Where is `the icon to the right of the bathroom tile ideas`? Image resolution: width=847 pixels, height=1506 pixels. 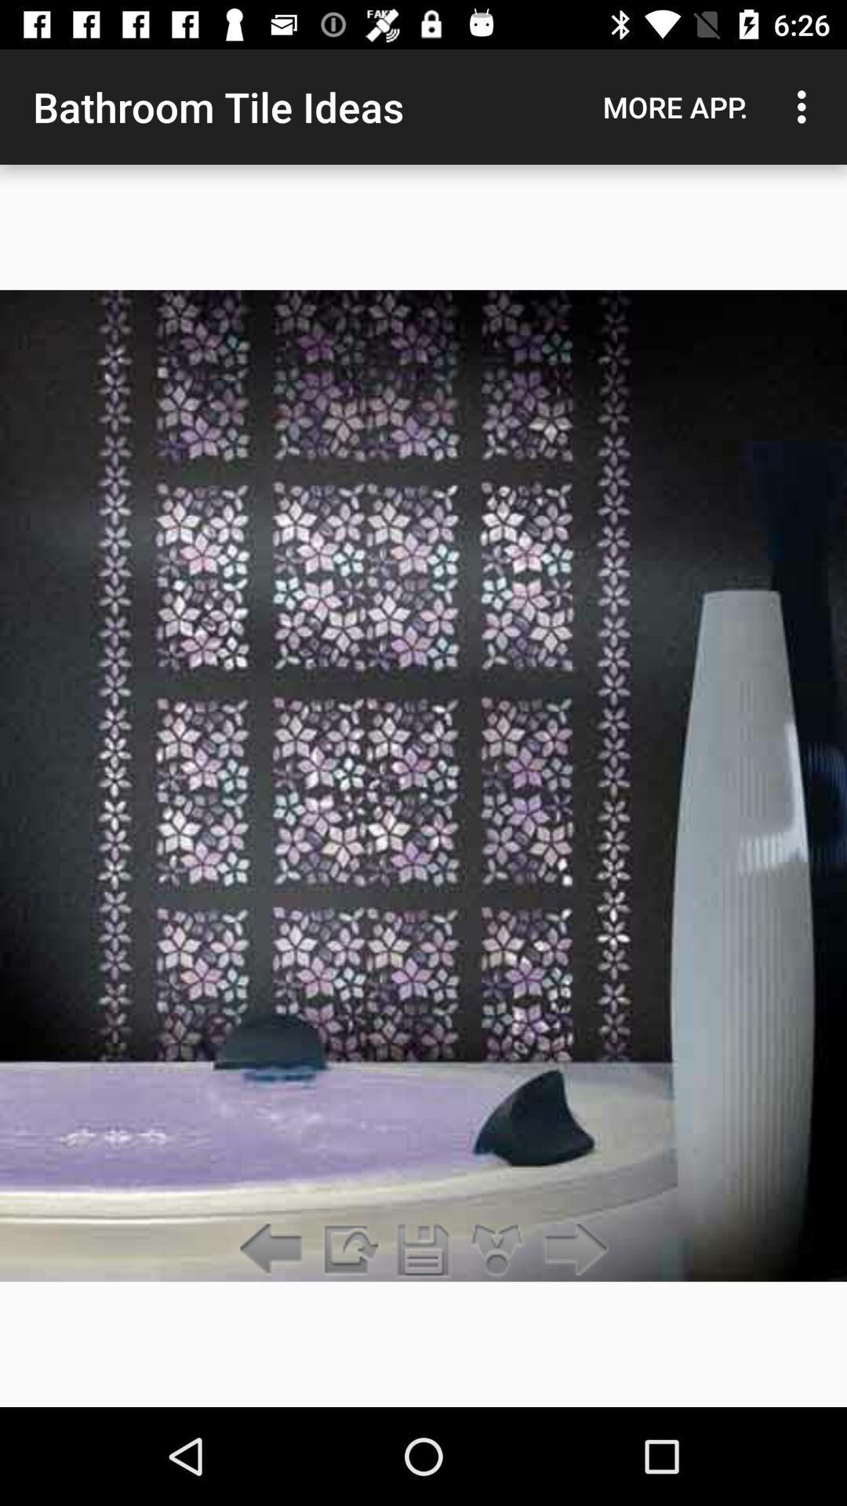 the icon to the right of the bathroom tile ideas is located at coordinates (674, 106).